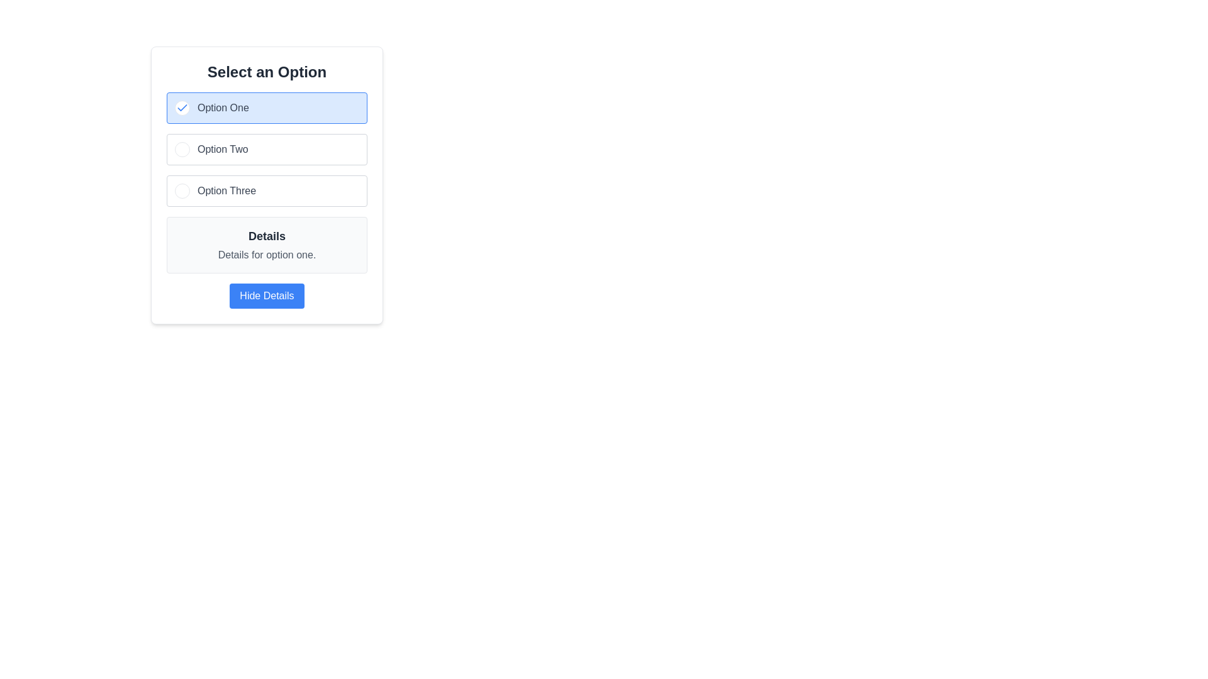  Describe the element at coordinates (266, 72) in the screenshot. I see `the Text header located at the top of the white-bordered panel, which serves as a title indicating the purpose of the content below` at that location.